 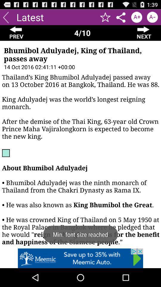 I want to click on the star icon, so click(x=105, y=18).